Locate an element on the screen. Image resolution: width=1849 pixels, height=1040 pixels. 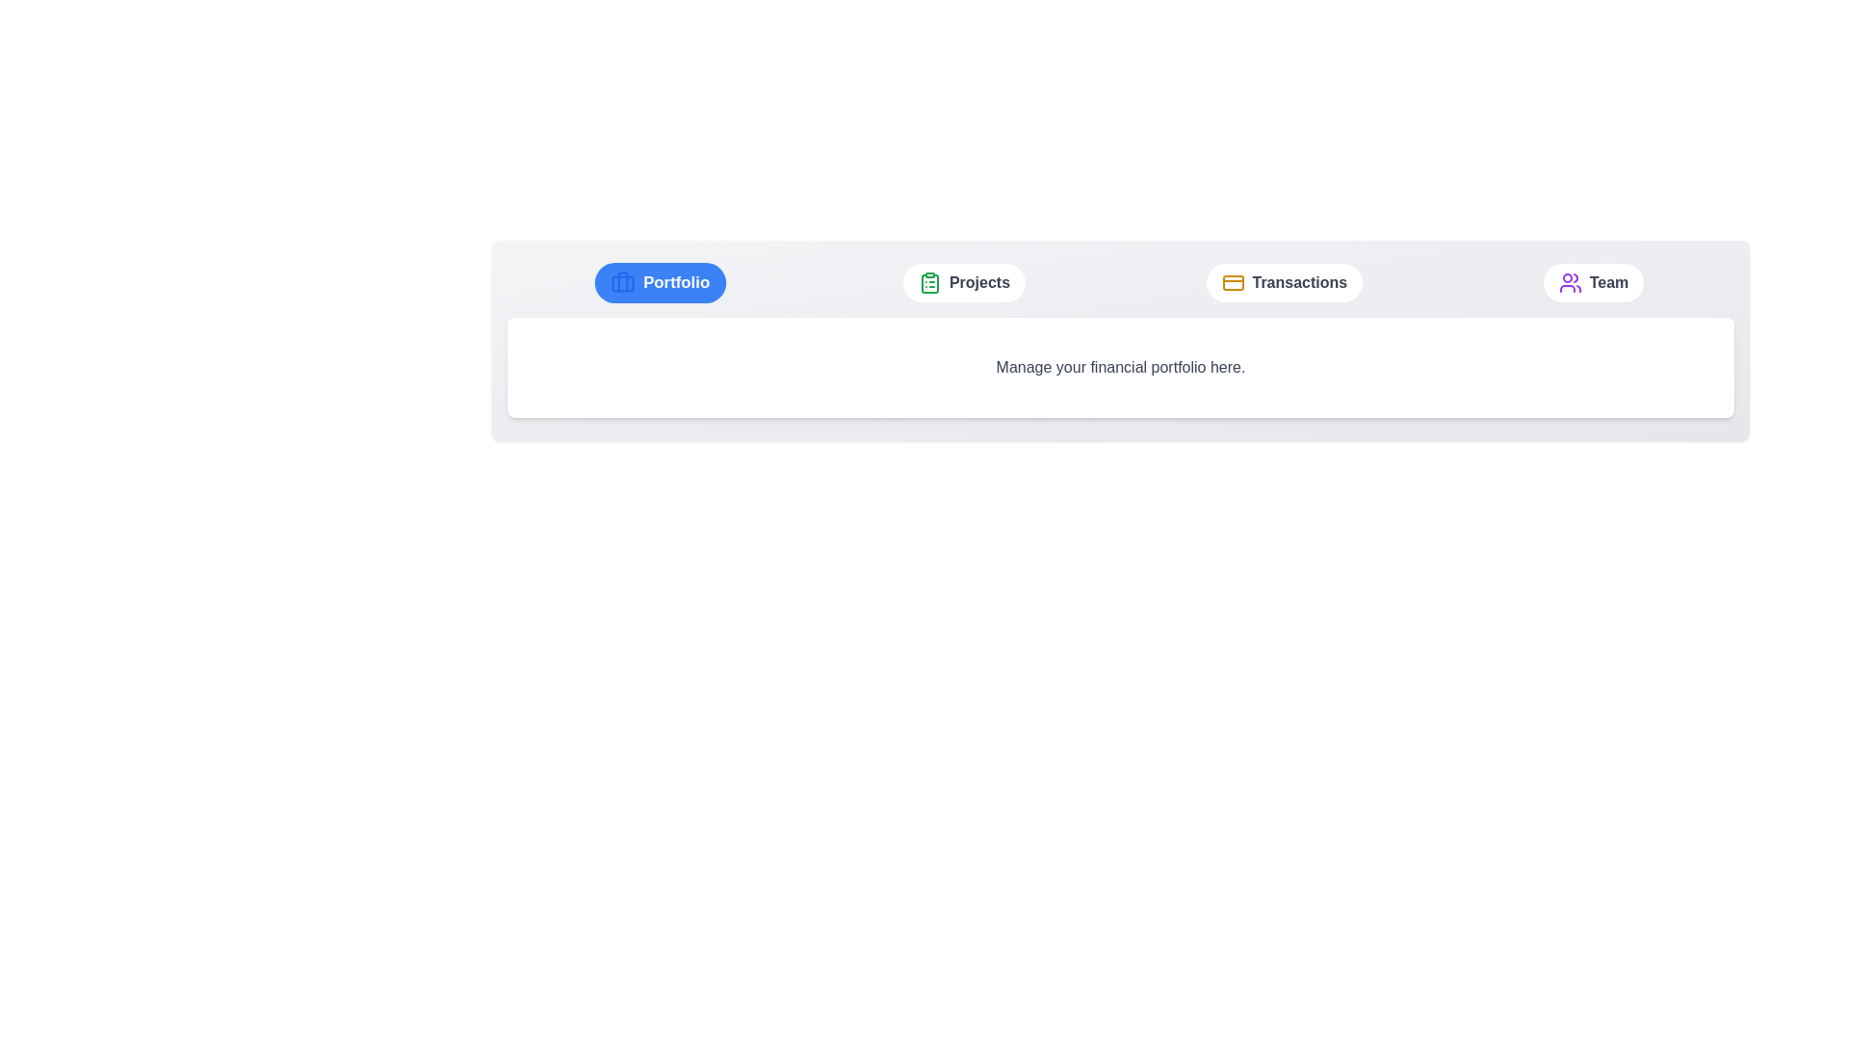
the Portfolio tab is located at coordinates (660, 282).